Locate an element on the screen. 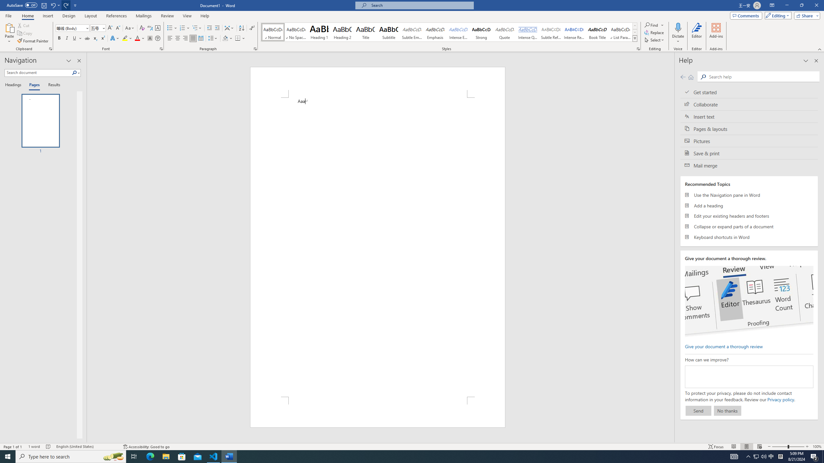 The width and height of the screenshot is (824, 463). 'Focus ' is located at coordinates (716, 447).